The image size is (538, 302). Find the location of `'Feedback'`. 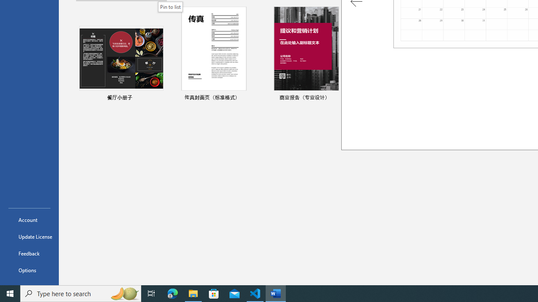

'Feedback' is located at coordinates (29, 253).